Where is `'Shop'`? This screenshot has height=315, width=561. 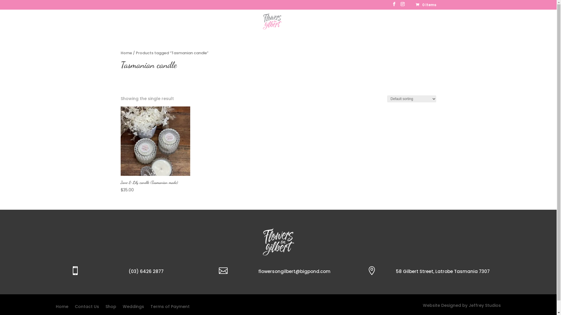
'Shop' is located at coordinates (110, 307).